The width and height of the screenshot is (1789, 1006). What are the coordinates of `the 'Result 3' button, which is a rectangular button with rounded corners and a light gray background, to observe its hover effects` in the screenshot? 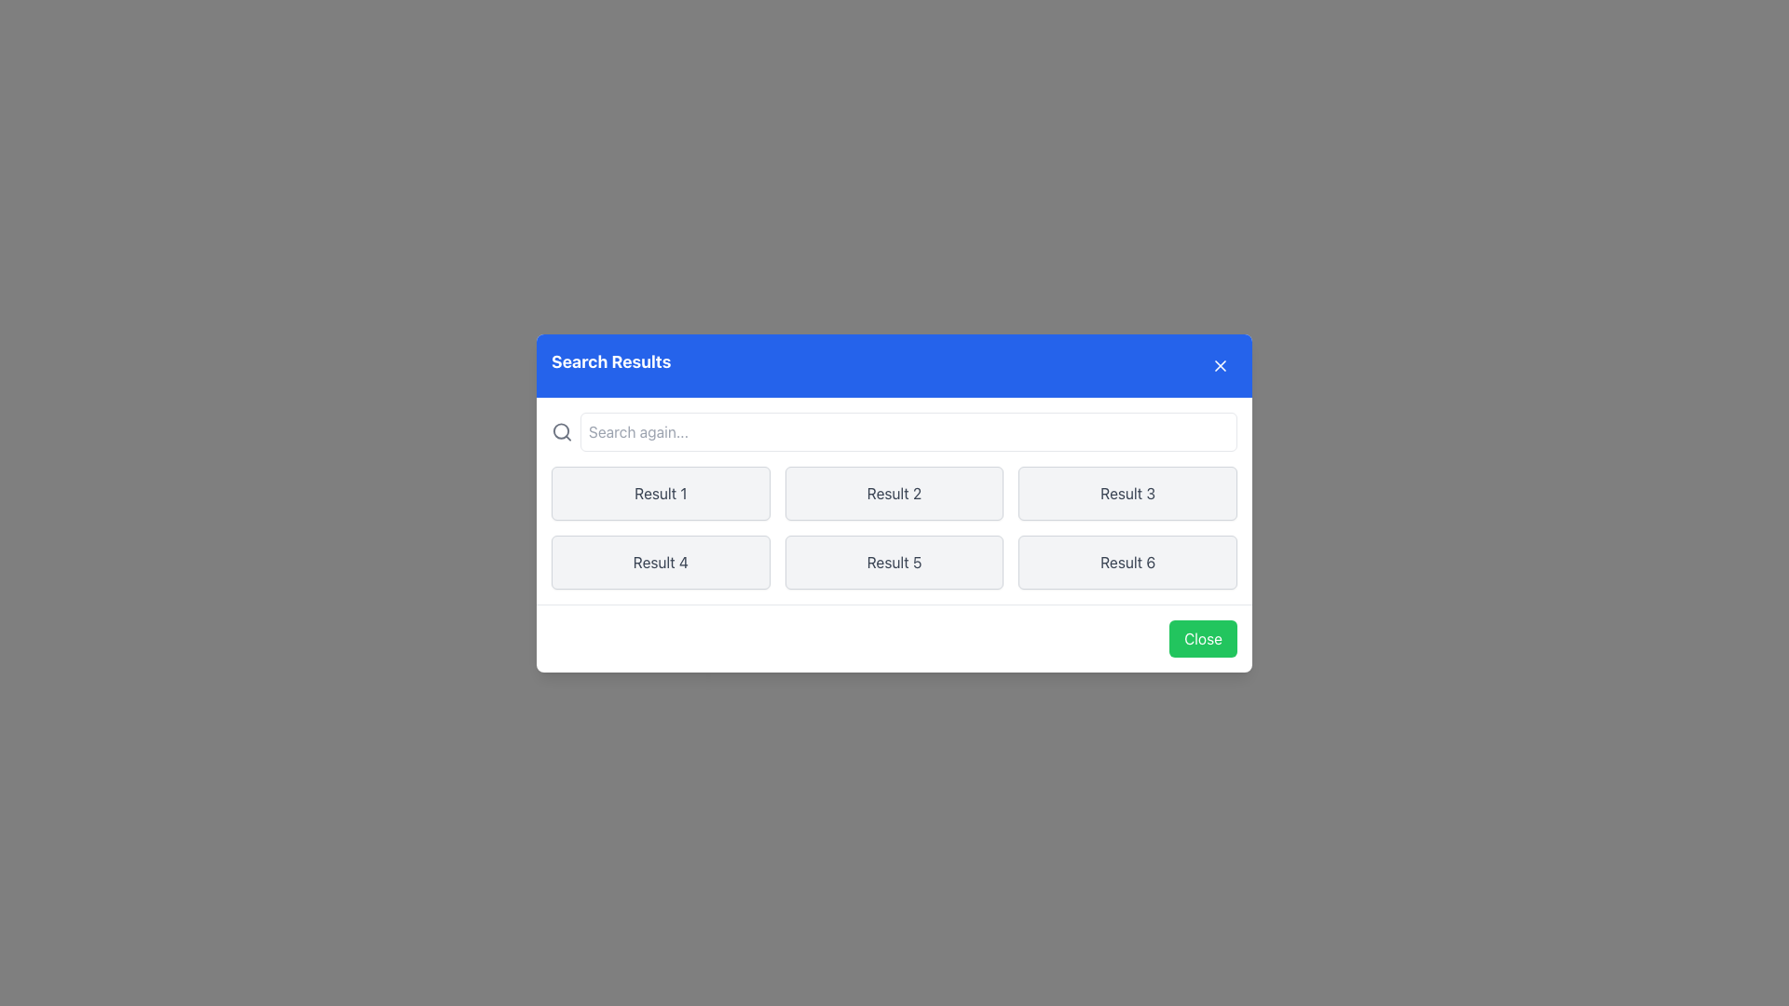 It's located at (1127, 492).